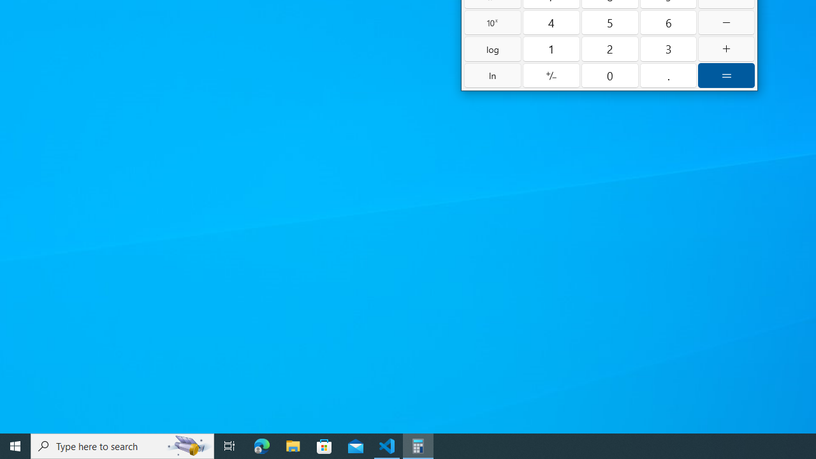 The image size is (816, 459). What do you see at coordinates (609, 48) in the screenshot?
I see `'Two'` at bounding box center [609, 48].